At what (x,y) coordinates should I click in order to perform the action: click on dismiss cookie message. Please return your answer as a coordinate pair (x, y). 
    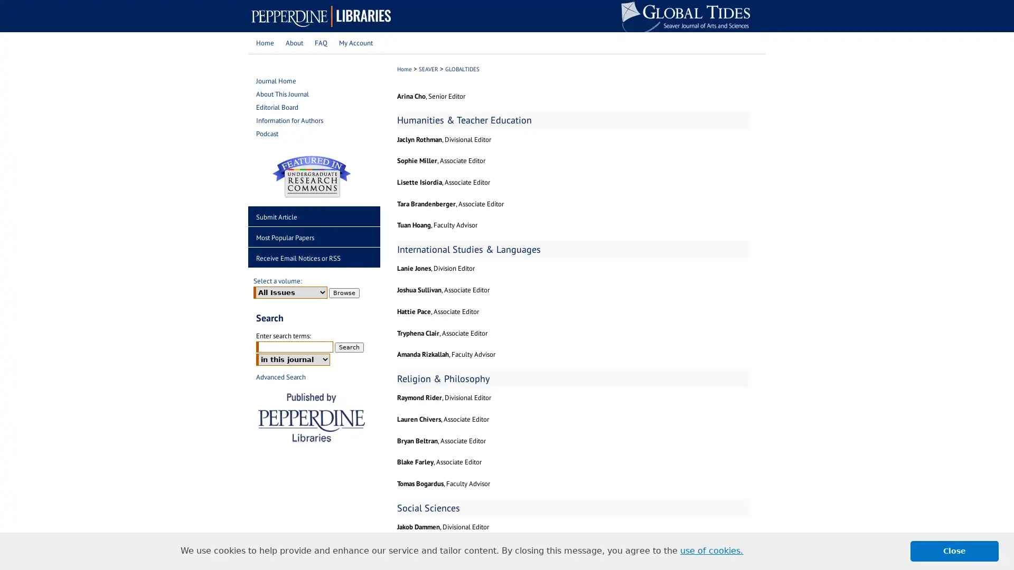
    Looking at the image, I should click on (954, 550).